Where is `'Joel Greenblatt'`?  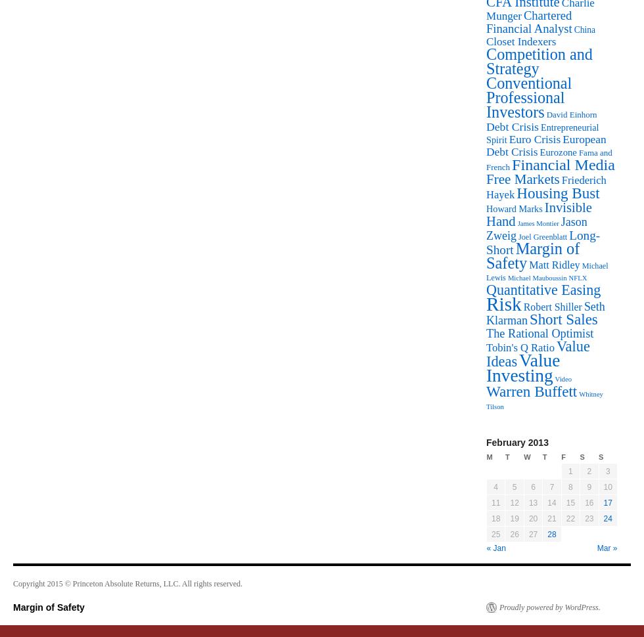
'Joel Greenblatt' is located at coordinates (542, 236).